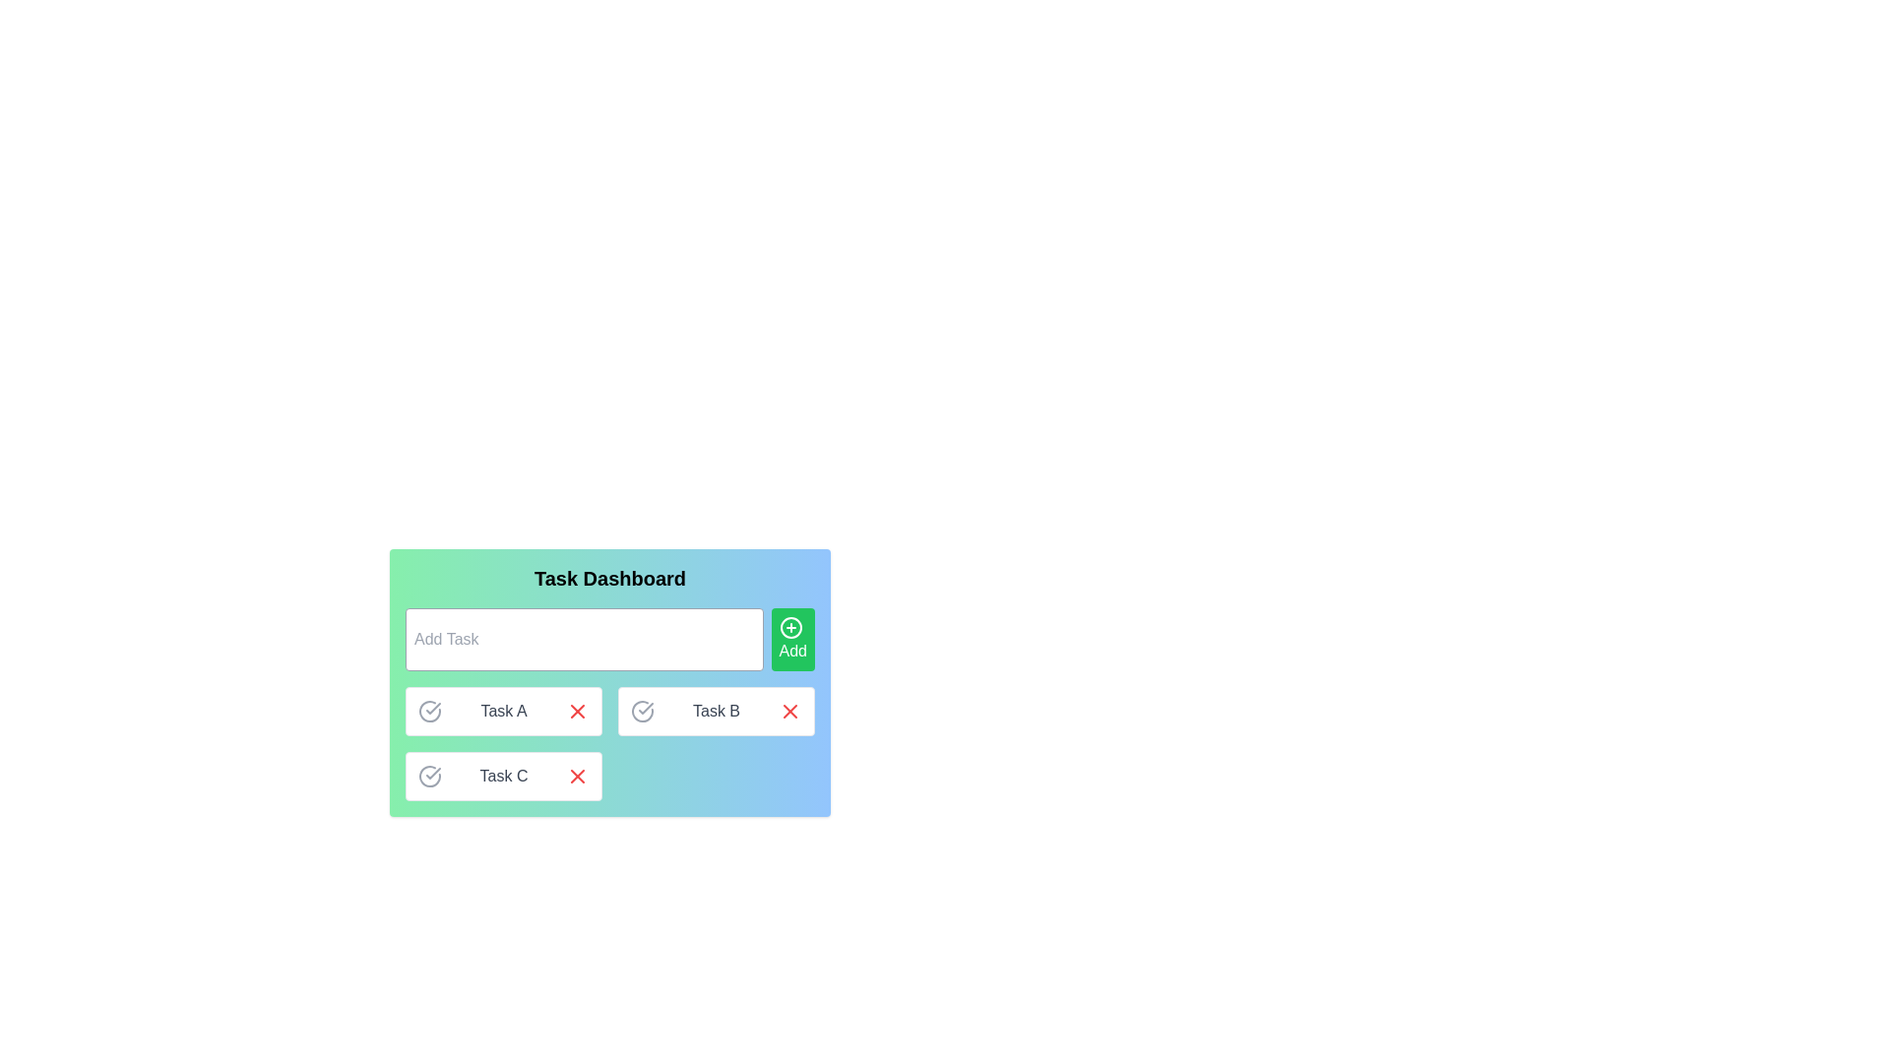 The height and width of the screenshot is (1063, 1890). I want to click on task name displayed in the center of the task item labeled 'Task B' in the task dashboard, so click(716, 711).